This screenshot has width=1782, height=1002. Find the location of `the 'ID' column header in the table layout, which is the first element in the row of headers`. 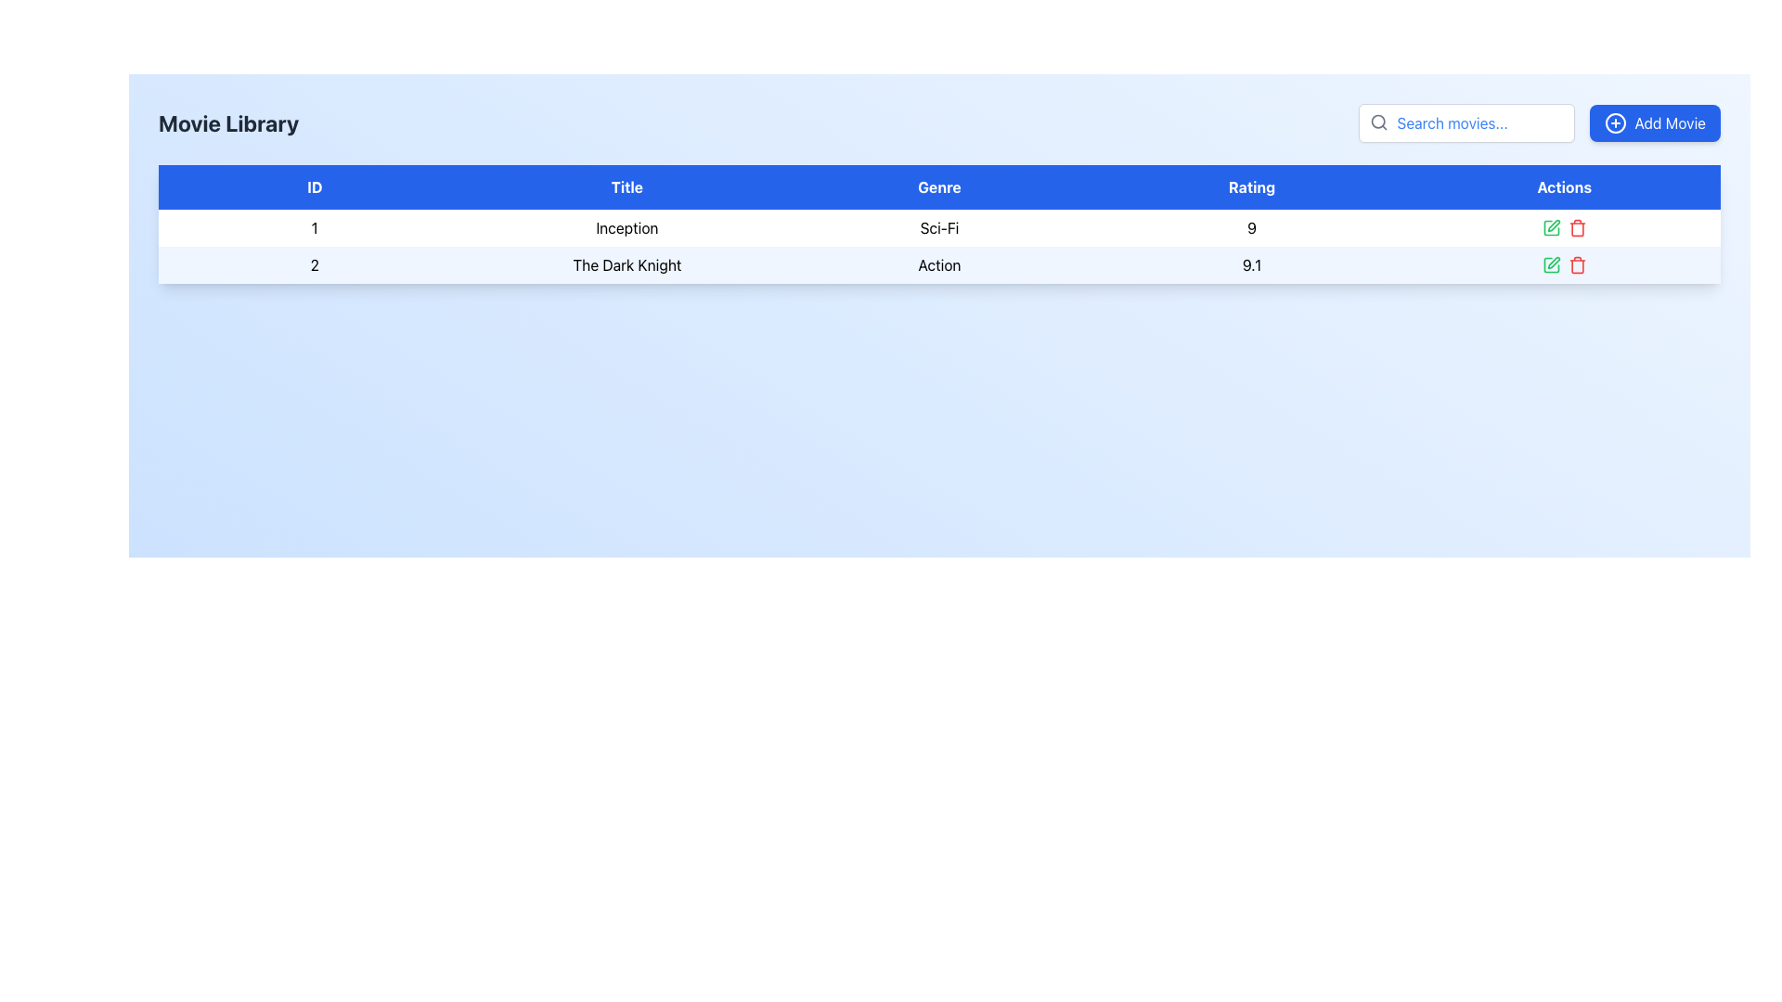

the 'ID' column header in the table layout, which is the first element in the row of headers is located at coordinates (315, 186).